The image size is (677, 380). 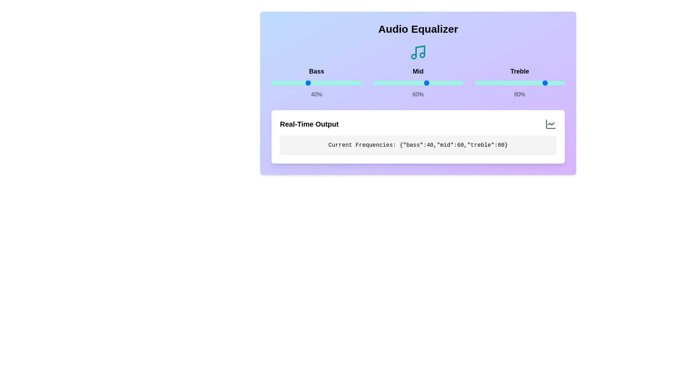 I want to click on bass level, so click(x=279, y=82).